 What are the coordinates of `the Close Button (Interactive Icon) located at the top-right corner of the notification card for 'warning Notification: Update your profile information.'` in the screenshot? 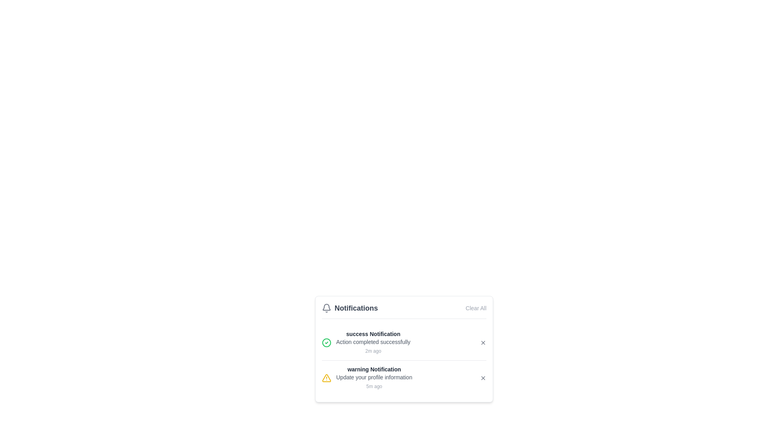 It's located at (482, 378).